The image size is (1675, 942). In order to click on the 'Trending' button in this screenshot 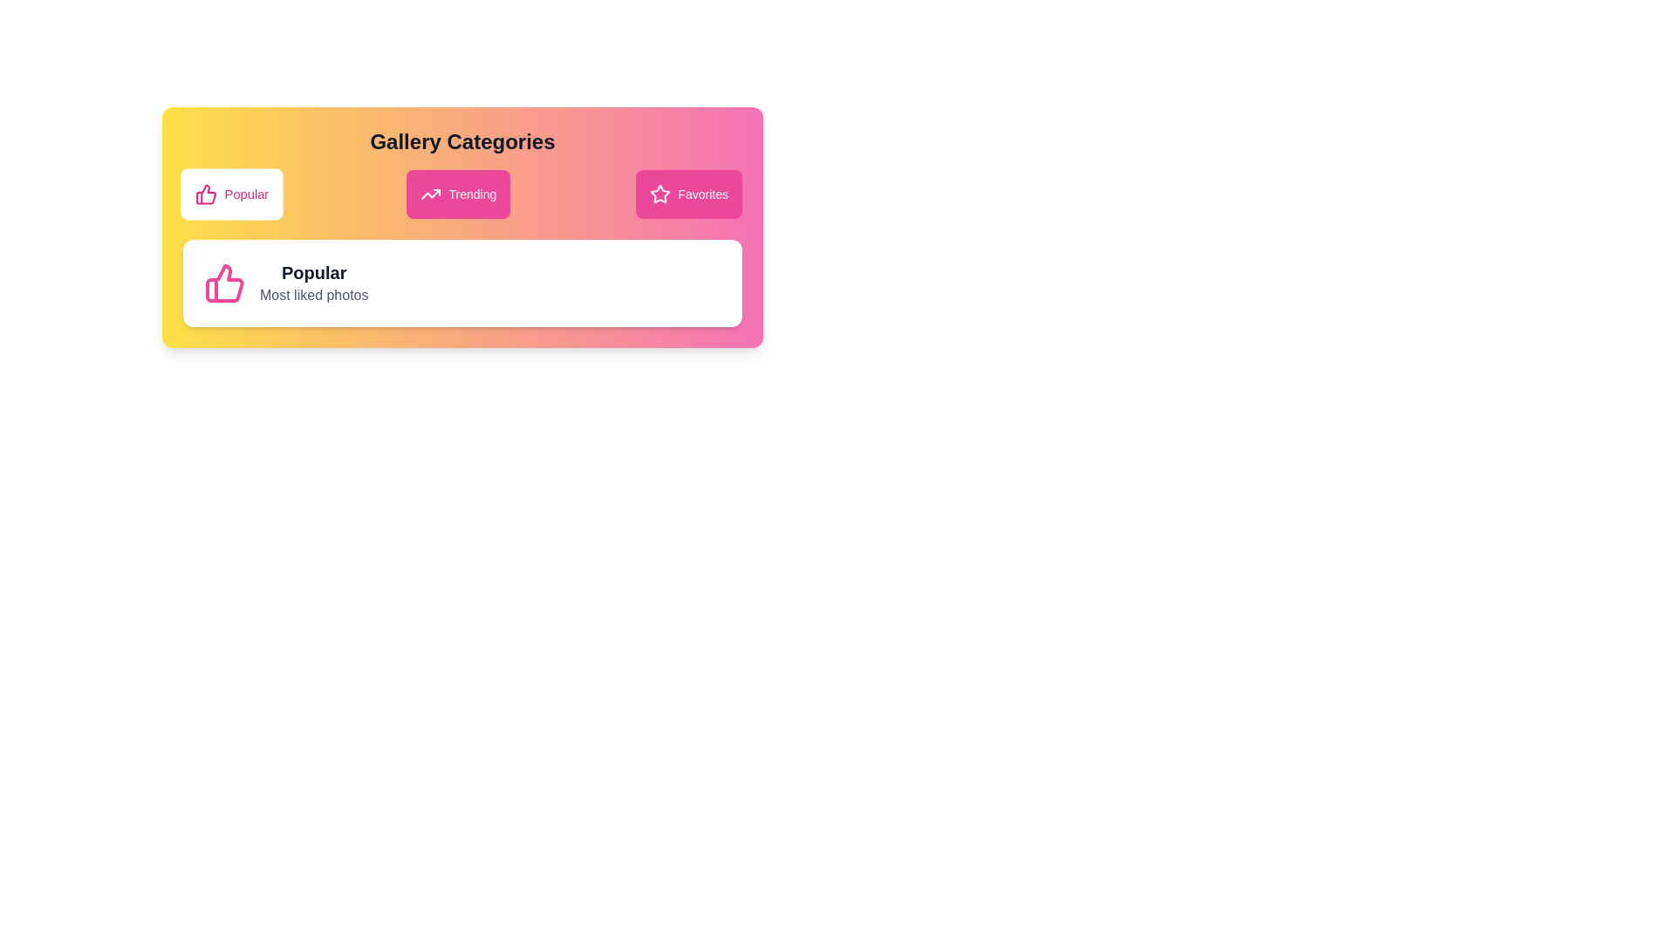, I will do `click(472, 195)`.